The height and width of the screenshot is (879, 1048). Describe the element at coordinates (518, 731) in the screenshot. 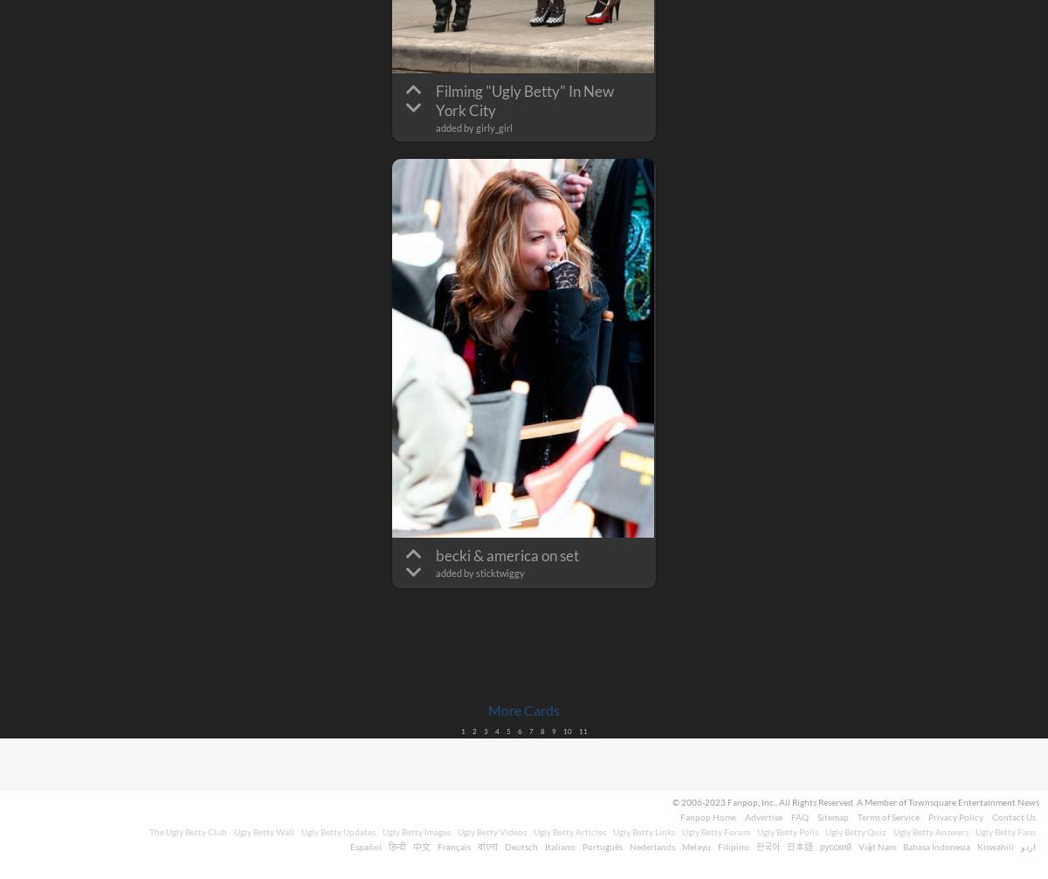

I see `'6'` at that location.